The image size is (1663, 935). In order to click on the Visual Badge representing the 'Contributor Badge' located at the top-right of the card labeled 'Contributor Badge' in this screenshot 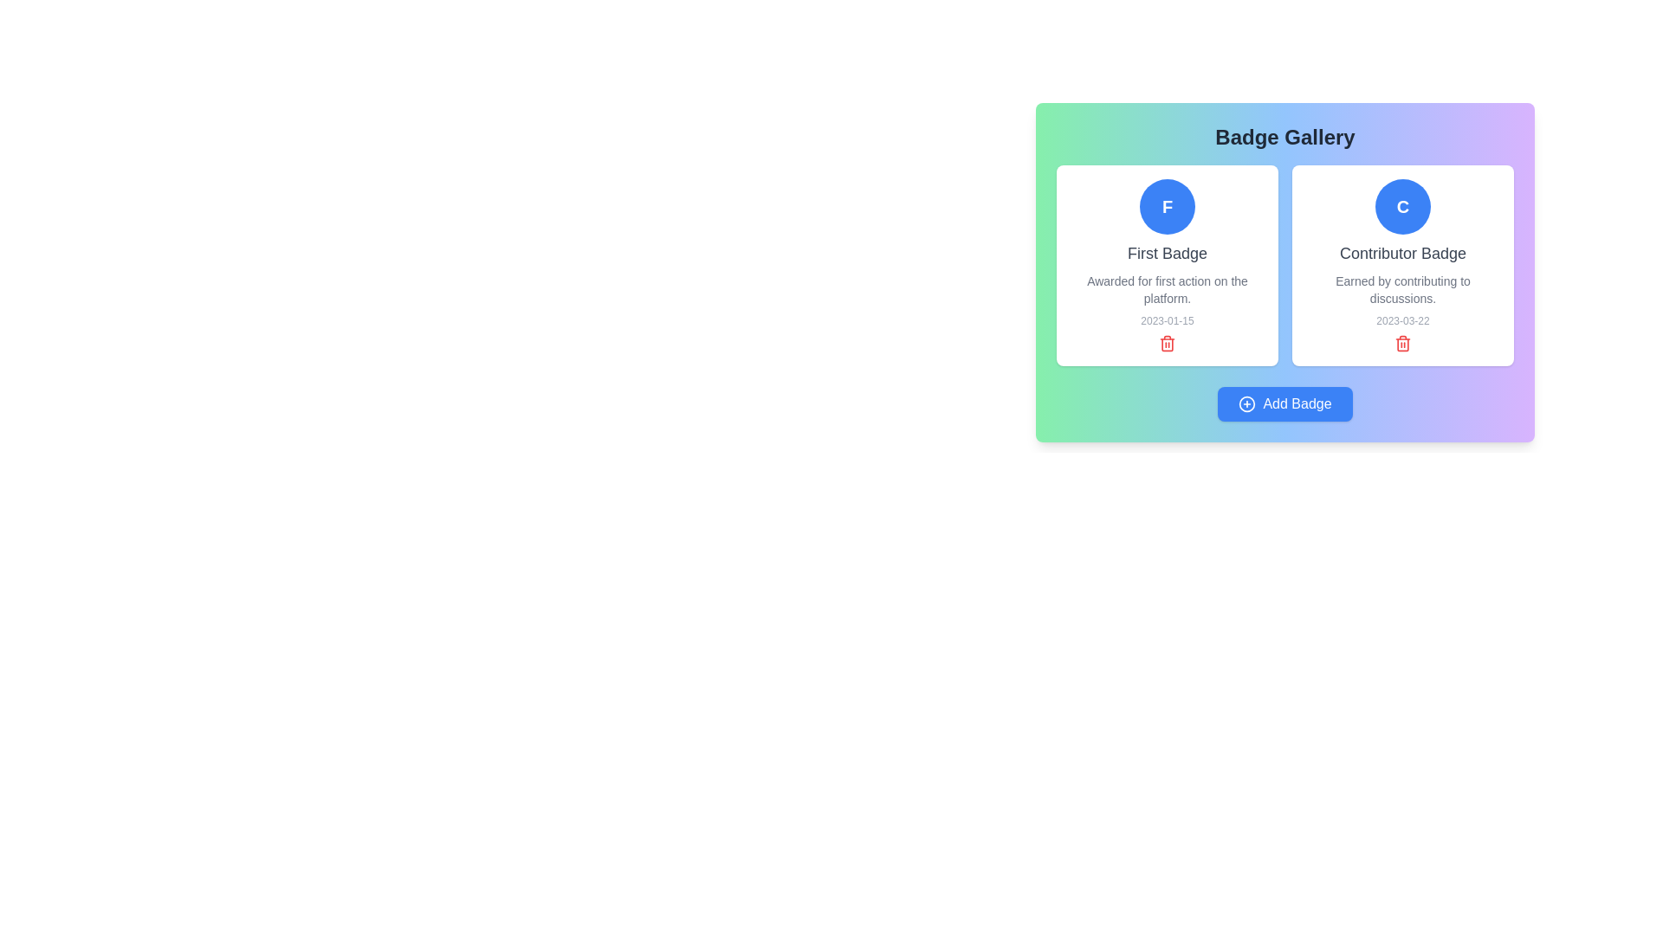, I will do `click(1403, 206)`.